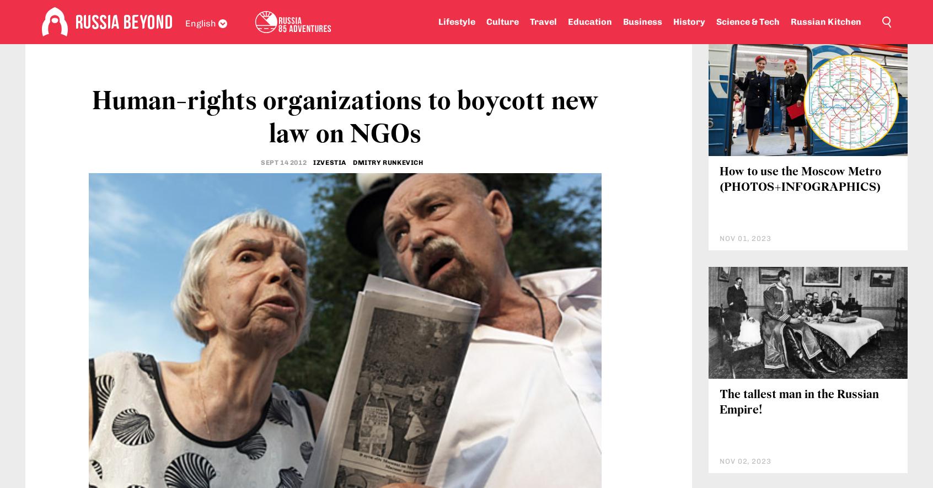  What do you see at coordinates (344, 185) in the screenshot?
I see `'Human-rights organizations to boycott new law on NGOs'` at bounding box center [344, 185].